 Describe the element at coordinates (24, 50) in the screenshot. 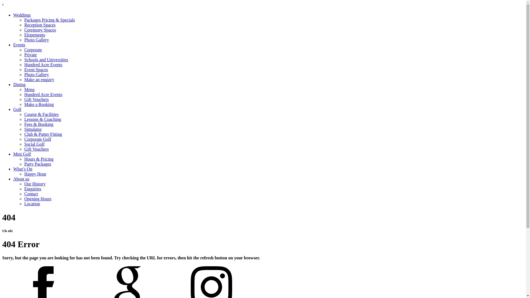

I see `'Corporate'` at that location.